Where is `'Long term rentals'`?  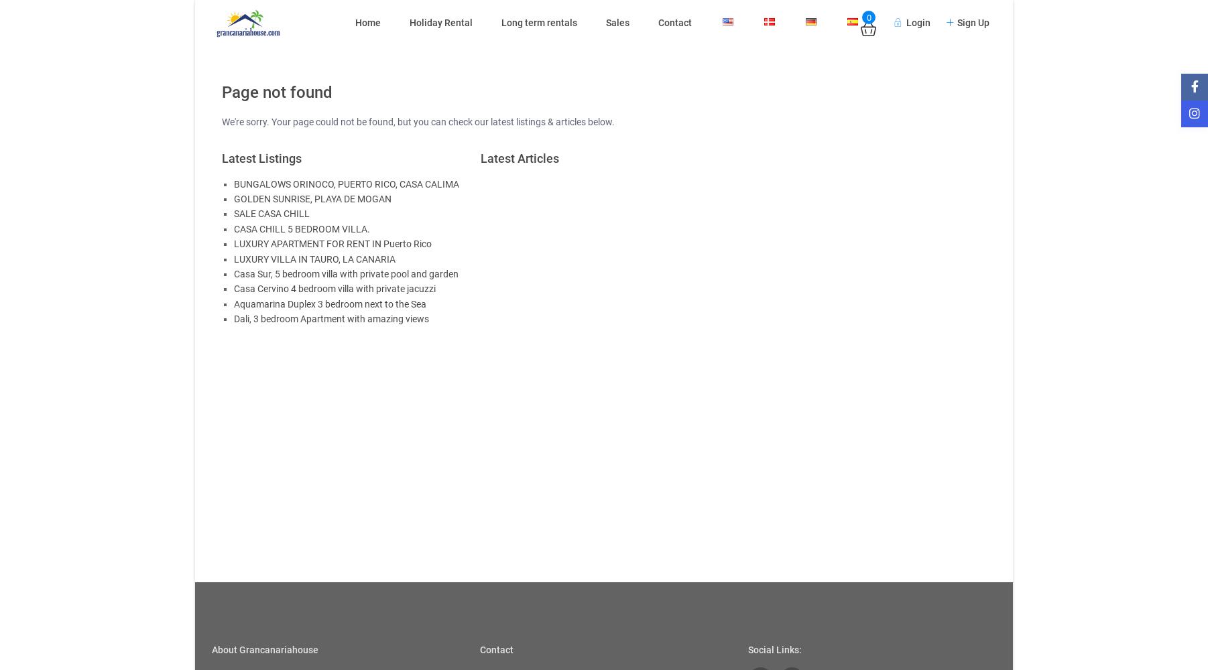
'Long term rentals' is located at coordinates (499, 23).